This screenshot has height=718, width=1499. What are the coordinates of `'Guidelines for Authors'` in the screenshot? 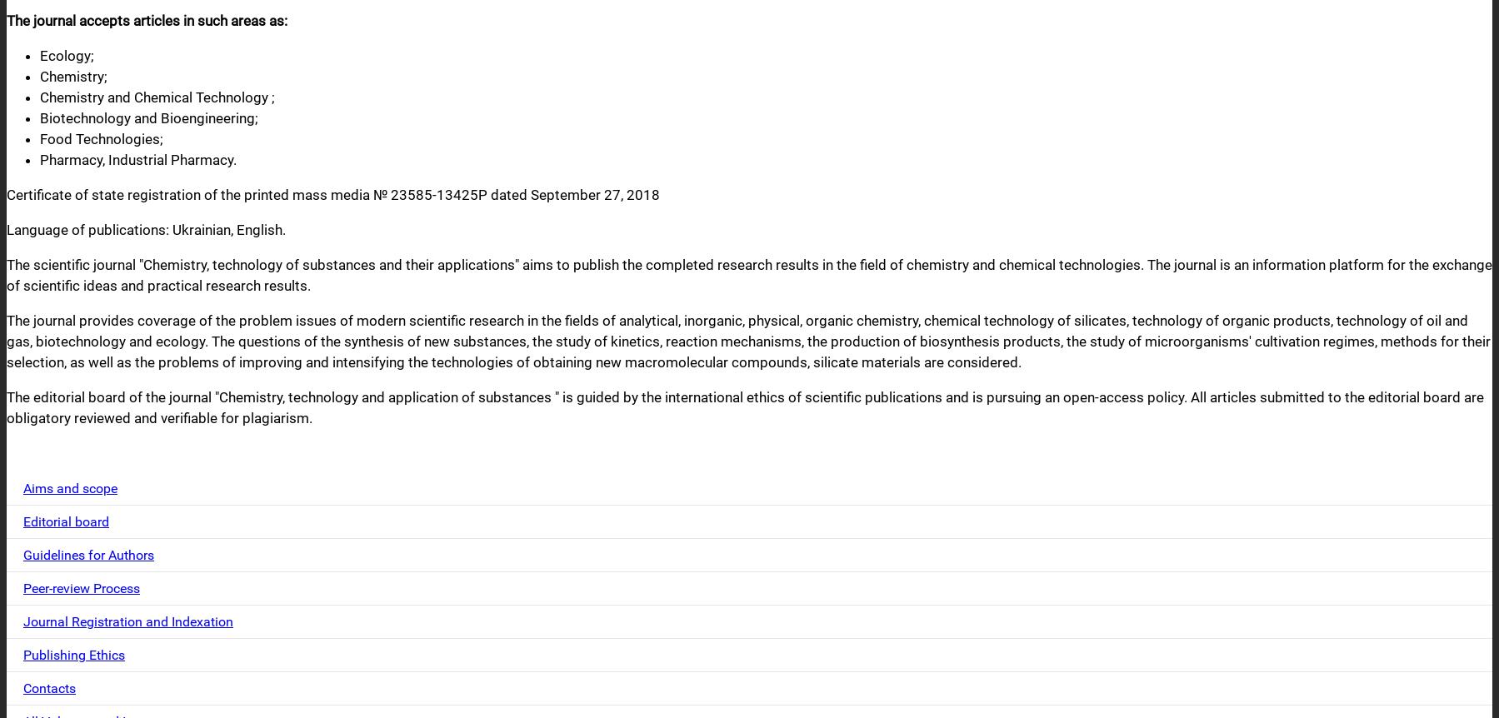 It's located at (87, 554).